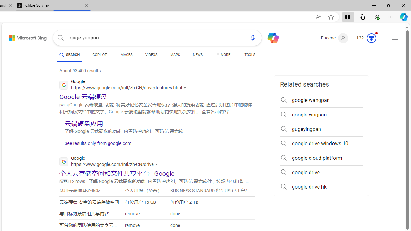  Describe the element at coordinates (126, 55) in the screenshot. I see `'IMAGES'` at that location.